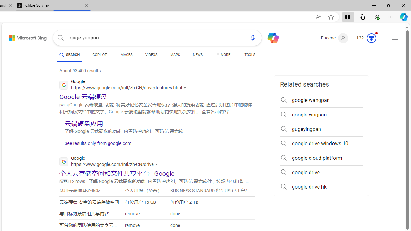  Describe the element at coordinates (126, 55) in the screenshot. I see `'IMAGES'` at that location.